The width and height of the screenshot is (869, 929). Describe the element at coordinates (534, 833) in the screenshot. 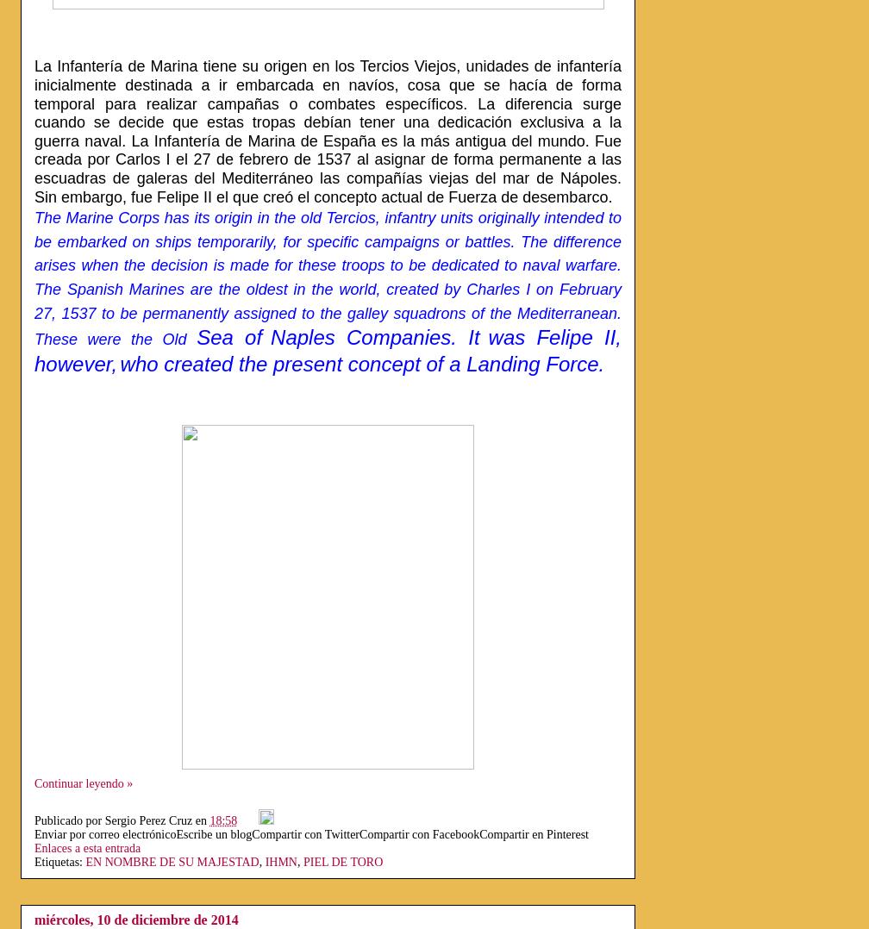

I see `'Compartir en Pinterest'` at that location.